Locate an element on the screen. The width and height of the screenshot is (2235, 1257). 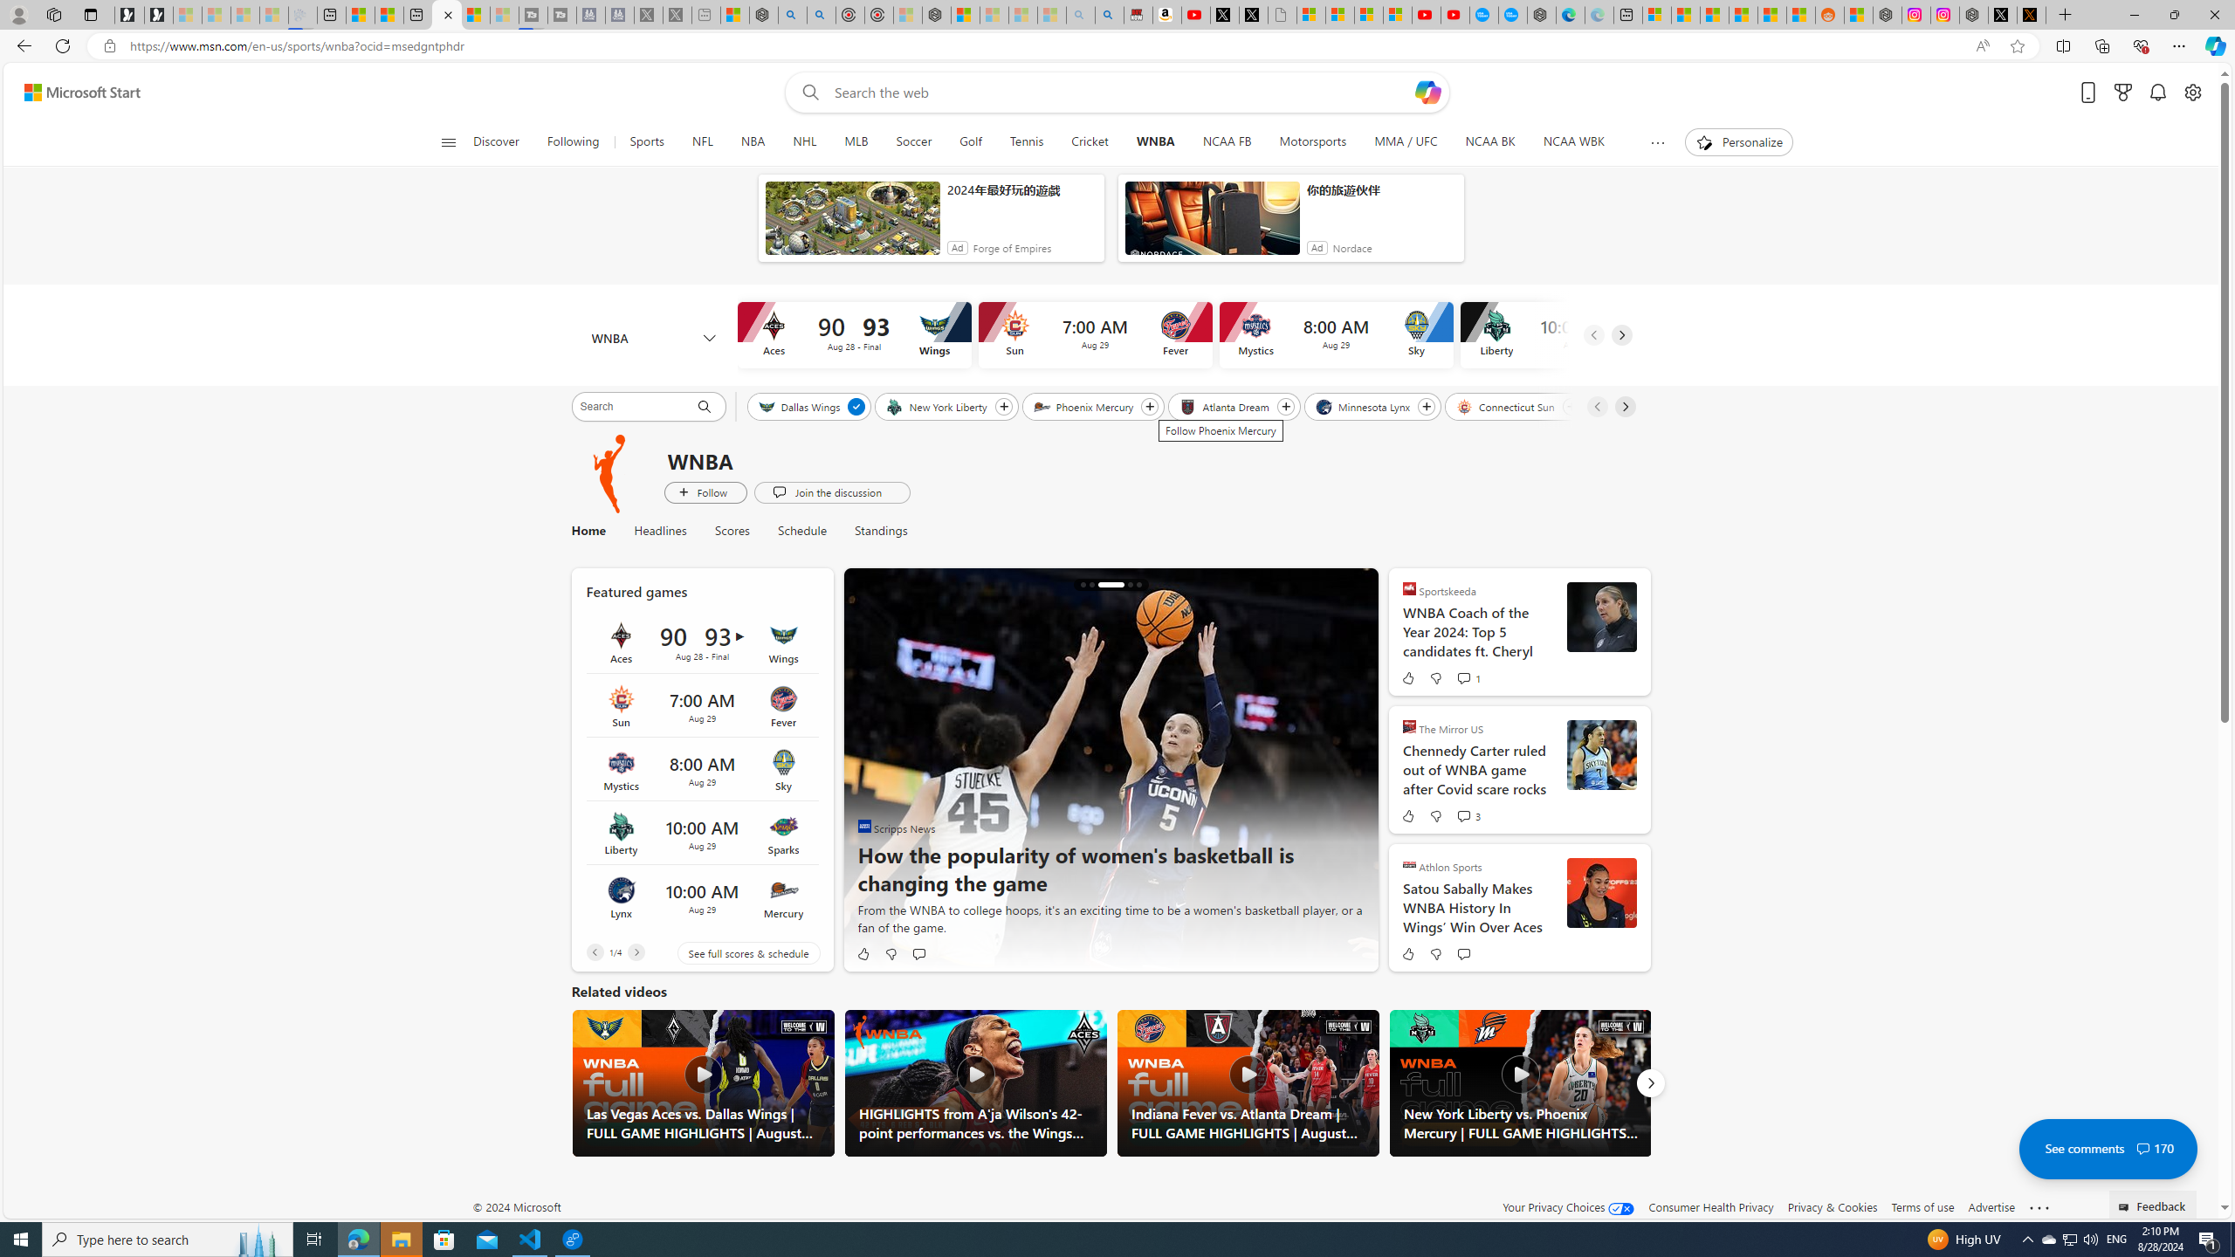
'New York Liberty' is located at coordinates (939, 405).